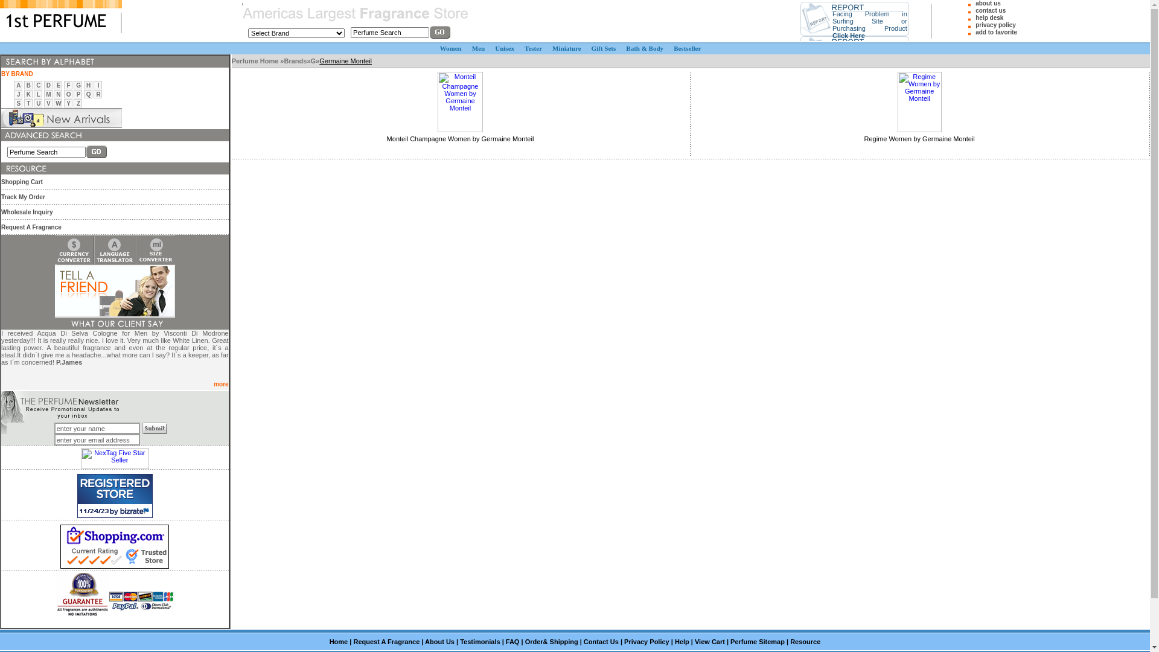 The width and height of the screenshot is (1159, 652). Describe the element at coordinates (644, 48) in the screenshot. I see `'Bath & Body'` at that location.